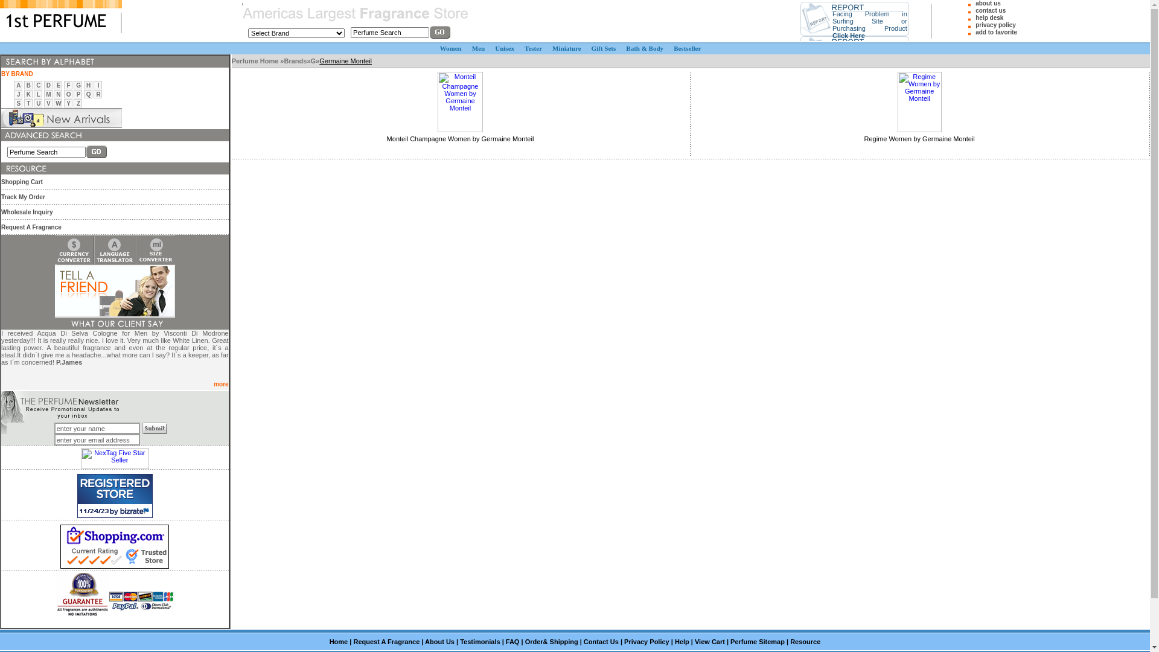 The width and height of the screenshot is (1159, 652). Describe the element at coordinates (644, 48) in the screenshot. I see `'Bath & Body'` at that location.